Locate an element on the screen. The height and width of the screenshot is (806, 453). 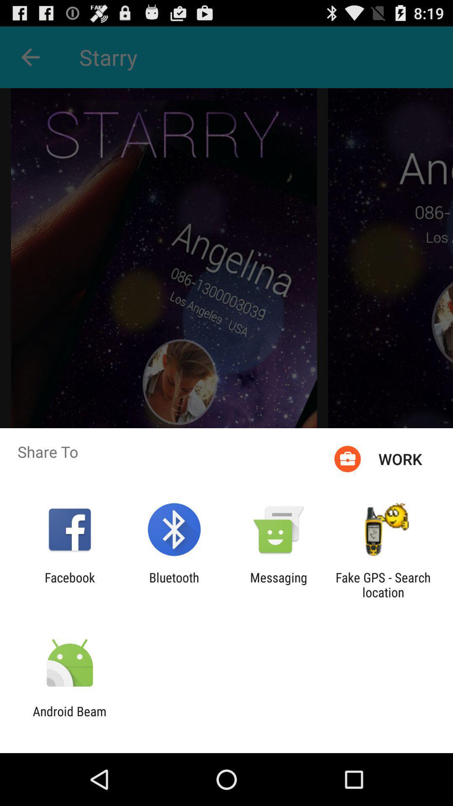
android beam is located at coordinates (69, 718).